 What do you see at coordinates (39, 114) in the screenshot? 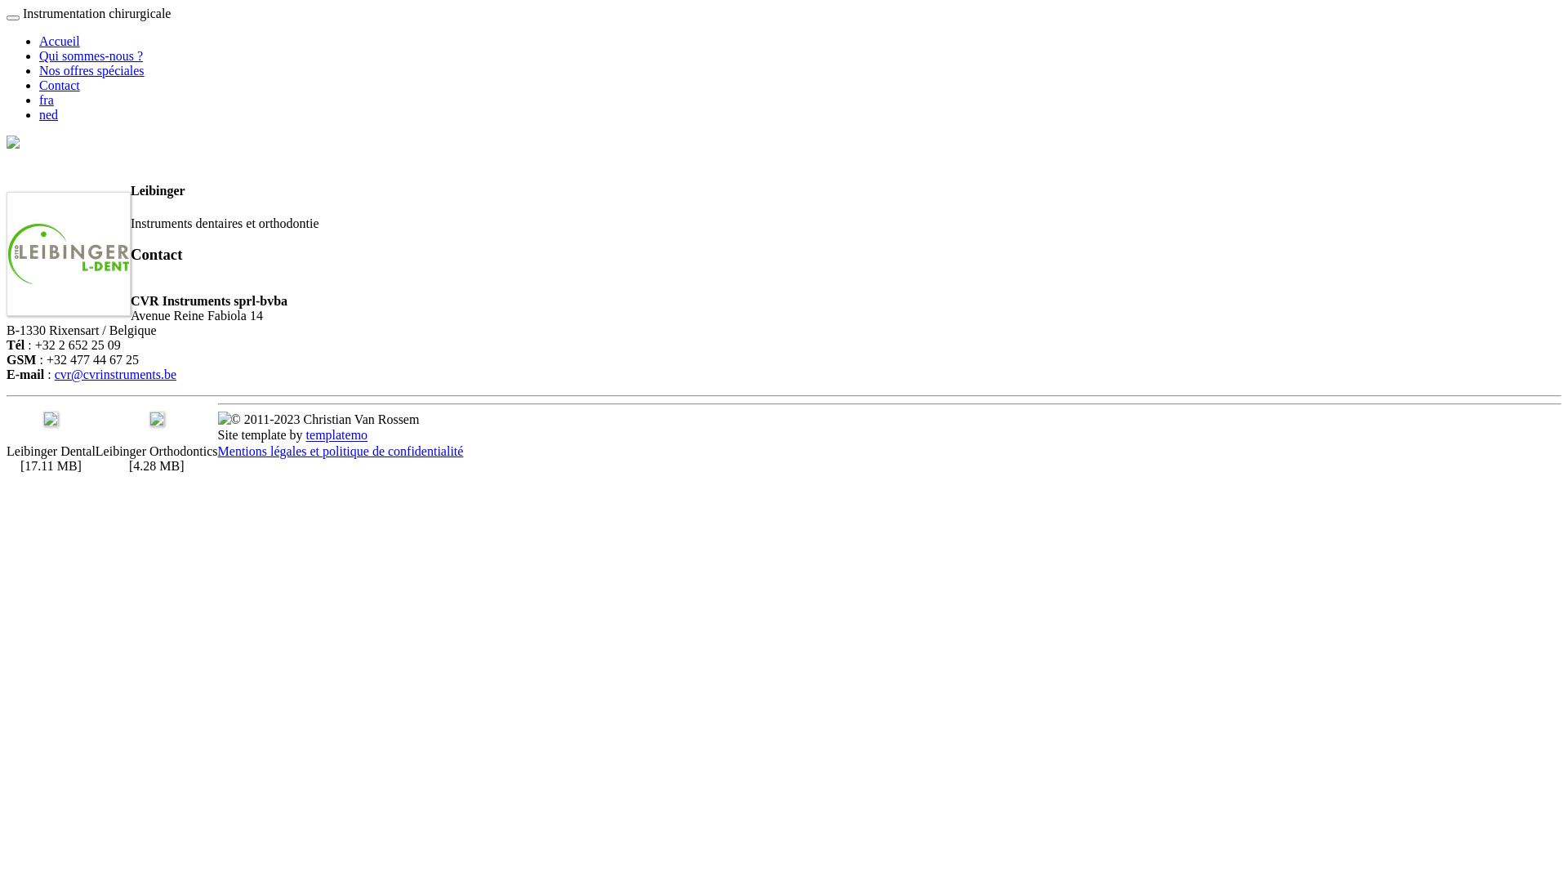
I see `'ned'` at bounding box center [39, 114].